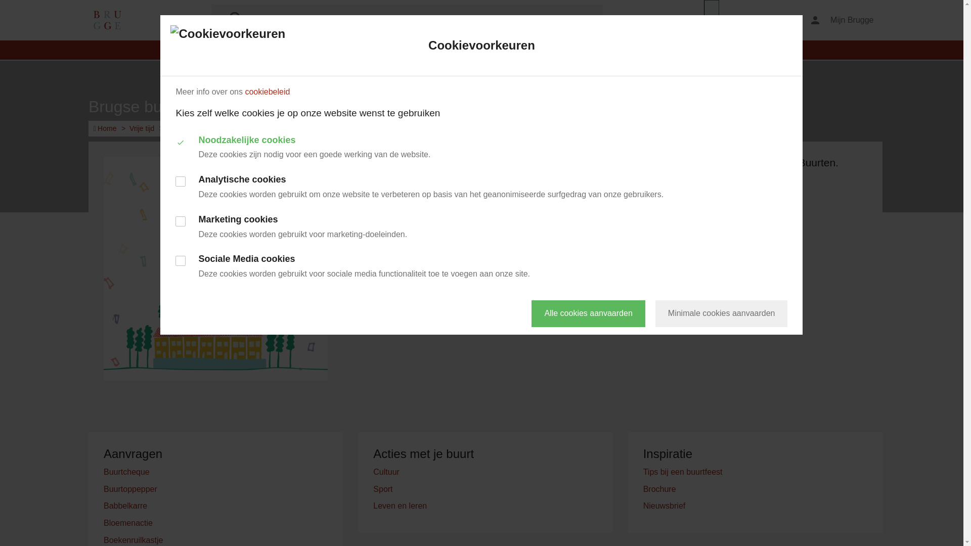  Describe the element at coordinates (382, 488) in the screenshot. I see `'Sport'` at that location.